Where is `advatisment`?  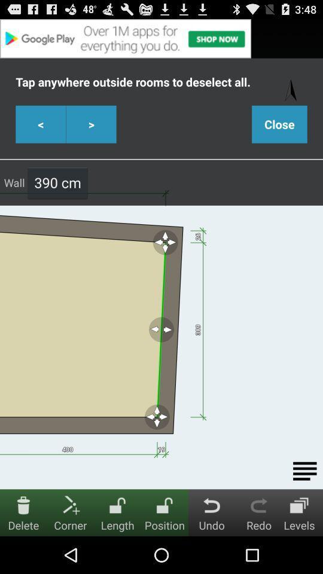
advatisment is located at coordinates (161, 38).